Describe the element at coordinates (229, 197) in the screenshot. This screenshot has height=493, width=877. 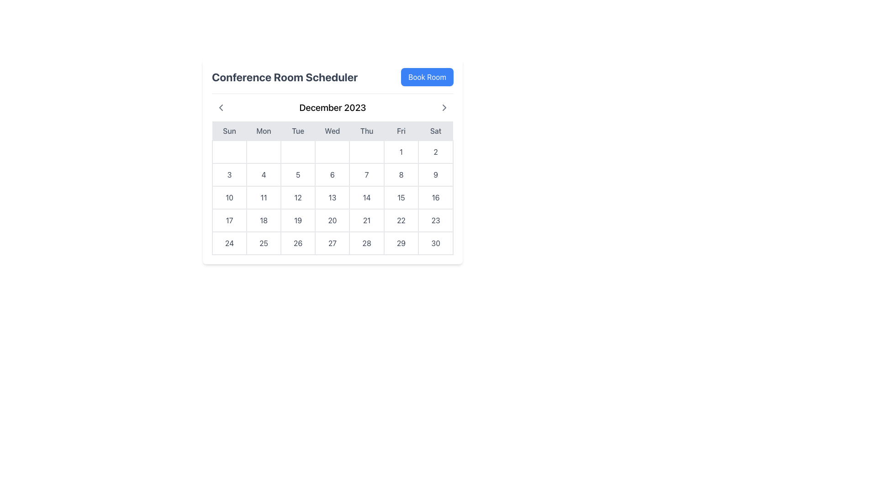
I see `the clickable date cell` at that location.